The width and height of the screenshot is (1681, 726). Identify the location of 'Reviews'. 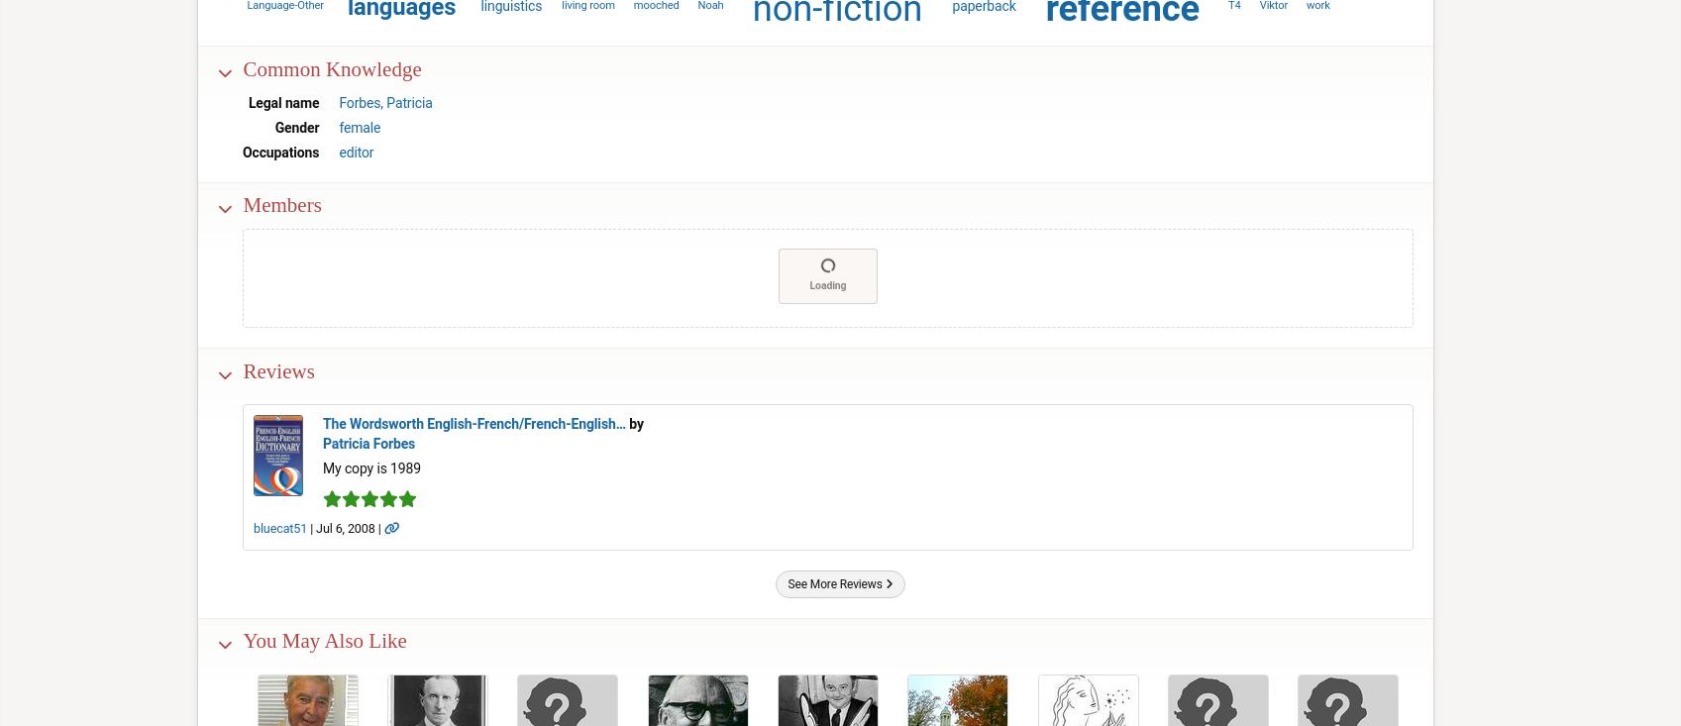
(277, 369).